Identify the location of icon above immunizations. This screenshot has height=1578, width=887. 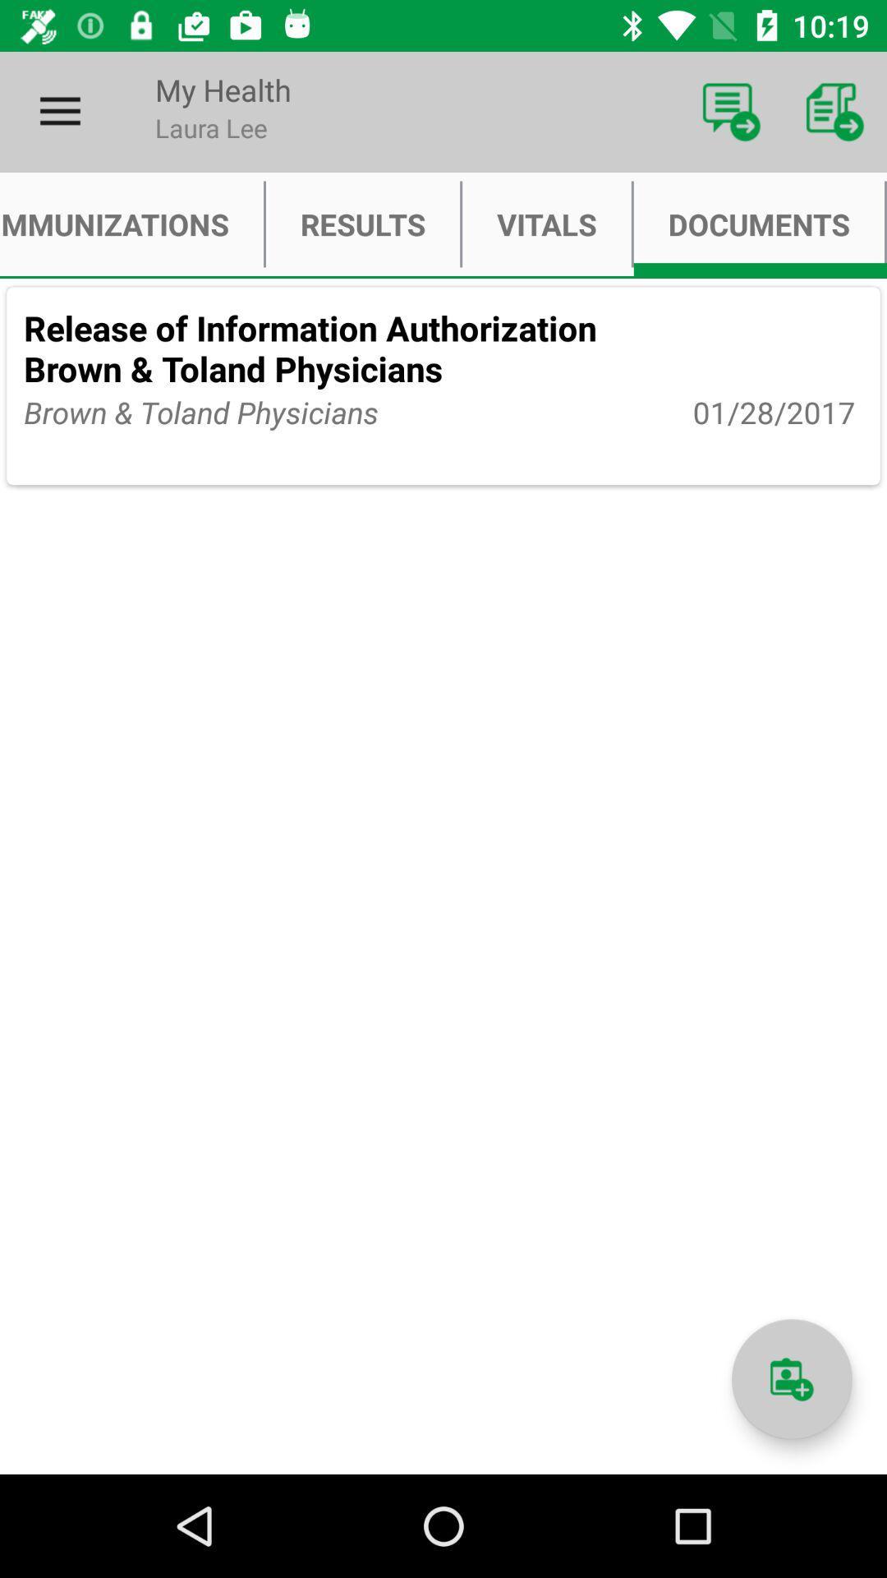
(59, 111).